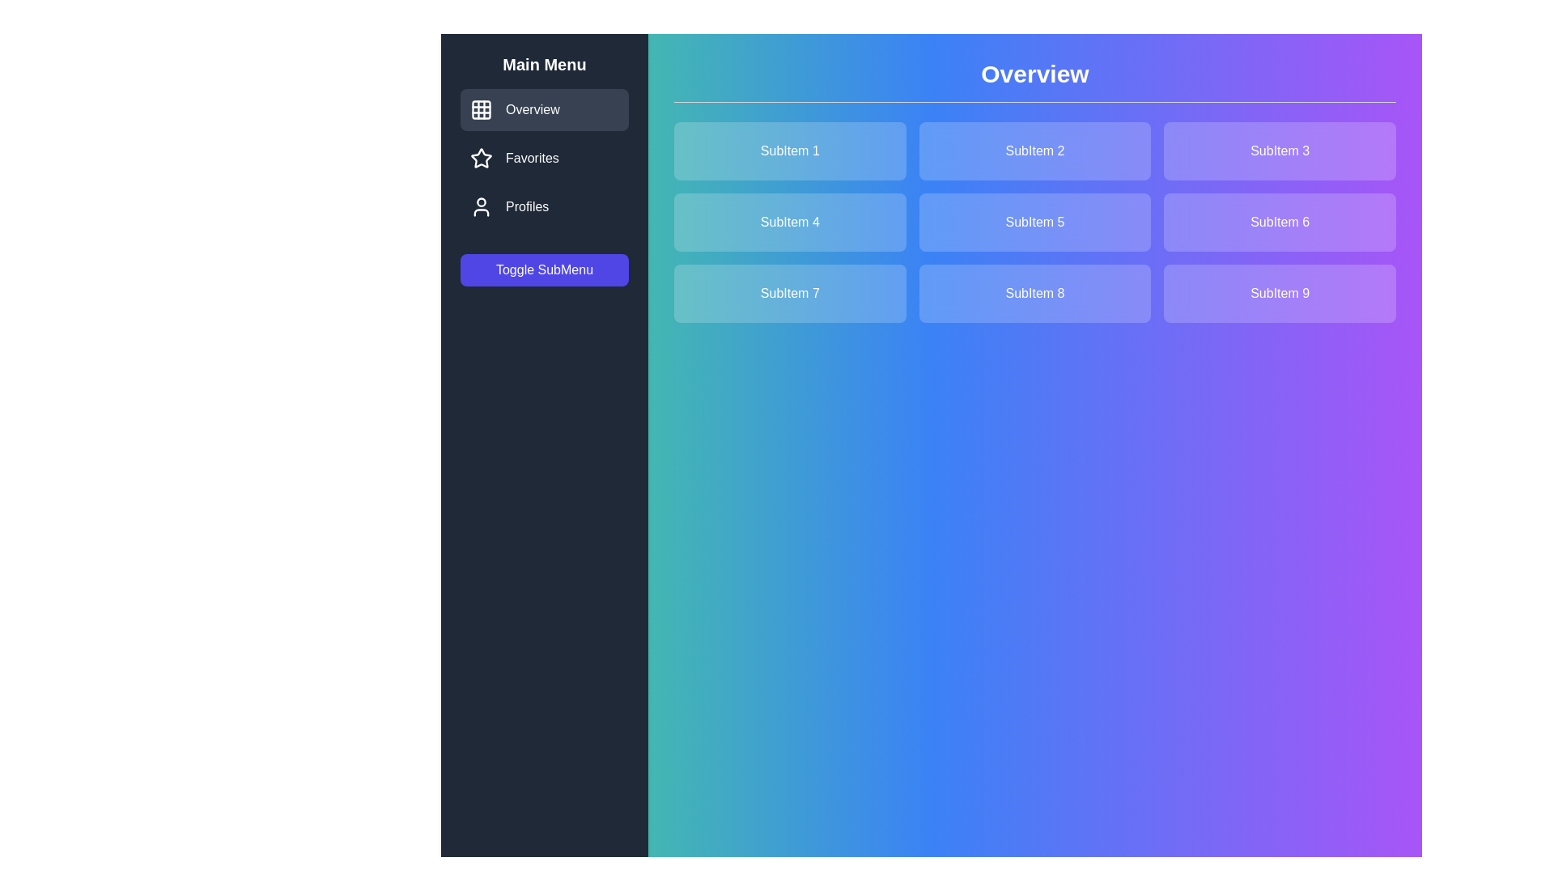  What do you see at coordinates (544, 109) in the screenshot?
I see `the menu item labeled Overview to observe the hover effect` at bounding box center [544, 109].